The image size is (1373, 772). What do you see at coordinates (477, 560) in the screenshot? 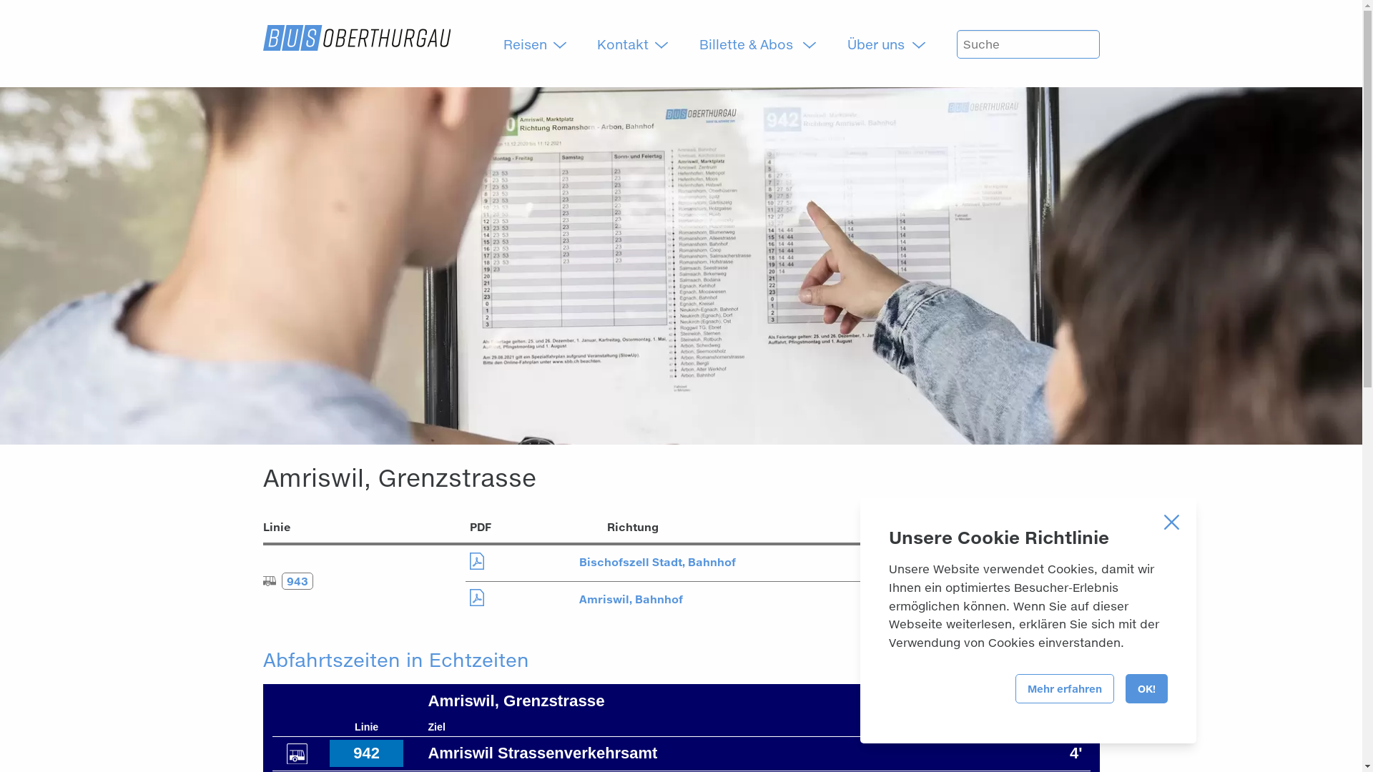
I see `'Download PDF'` at bounding box center [477, 560].